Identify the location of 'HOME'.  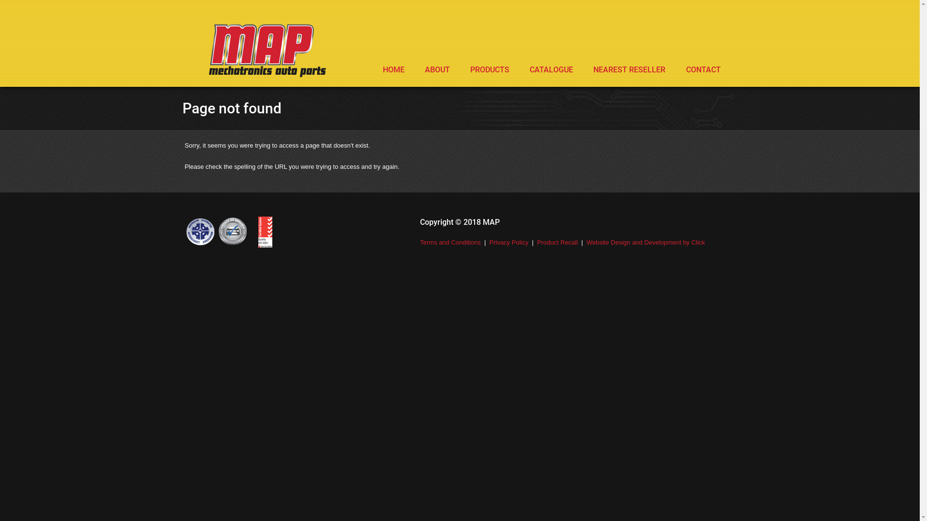
(393, 69).